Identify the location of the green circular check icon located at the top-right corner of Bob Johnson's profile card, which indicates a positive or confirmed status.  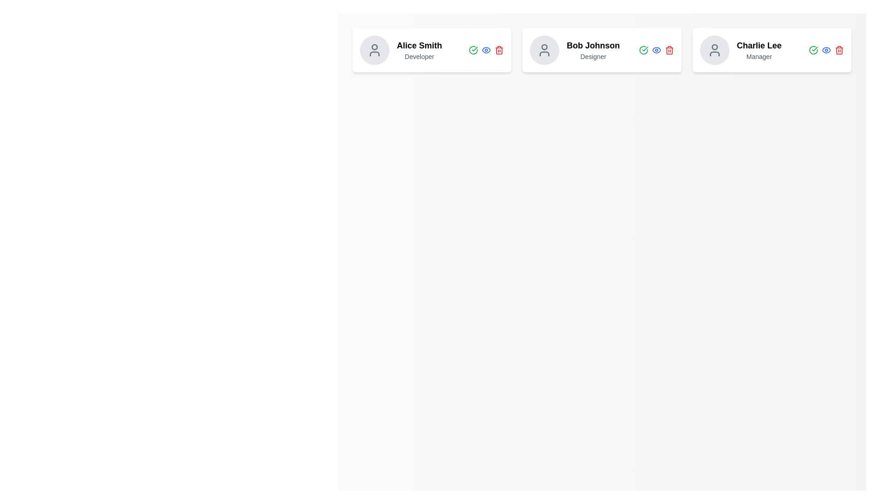
(643, 50).